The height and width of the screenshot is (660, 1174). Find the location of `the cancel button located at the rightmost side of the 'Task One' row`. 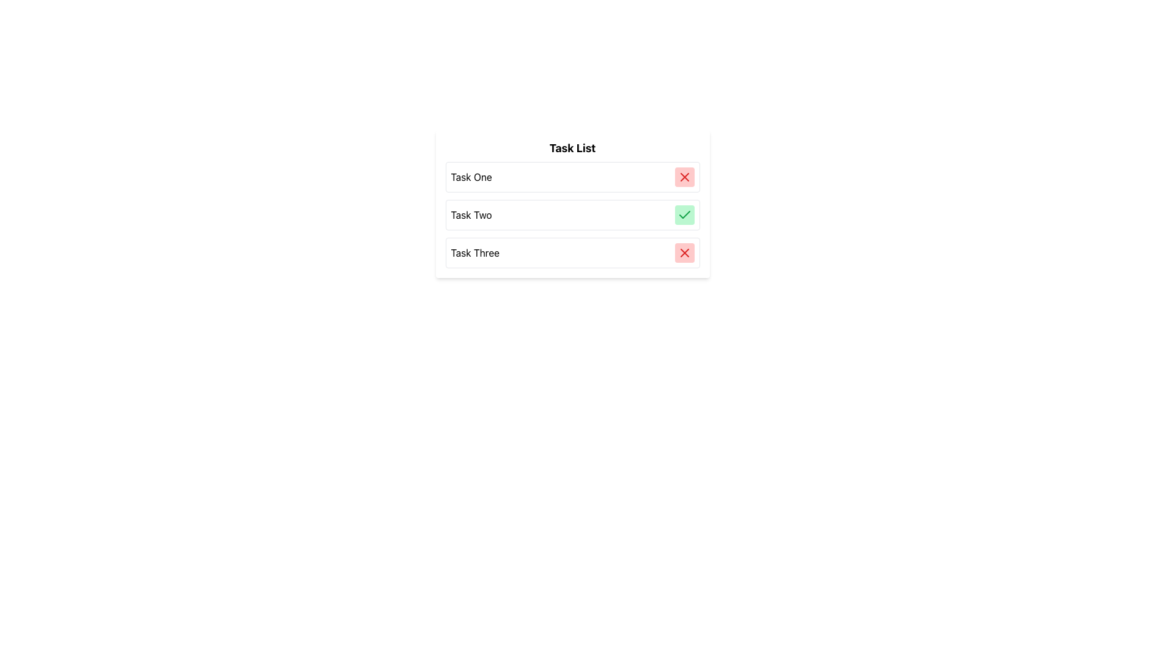

the cancel button located at the rightmost side of the 'Task One' row is located at coordinates (684, 177).